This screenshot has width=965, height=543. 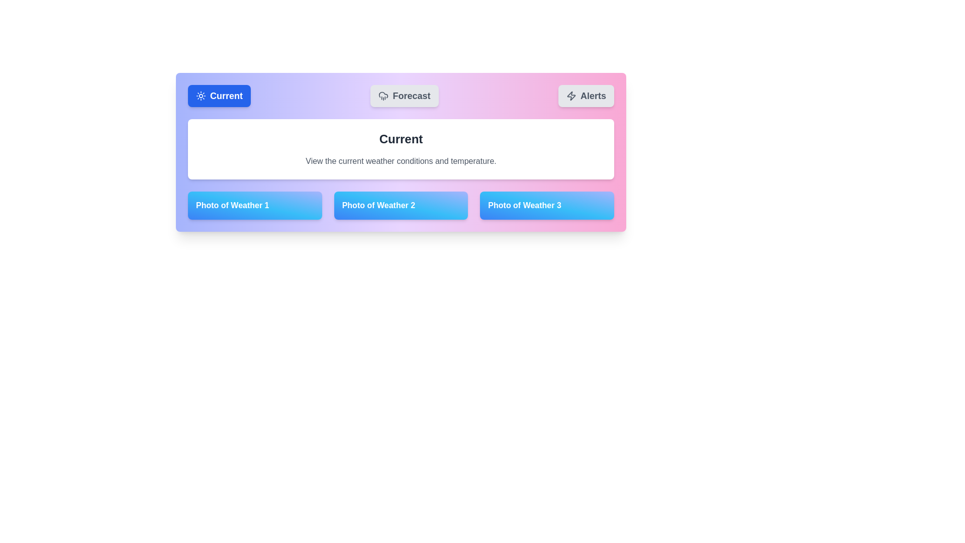 I want to click on the second button in the group of three buttons at the top of the interface, so click(x=405, y=96).